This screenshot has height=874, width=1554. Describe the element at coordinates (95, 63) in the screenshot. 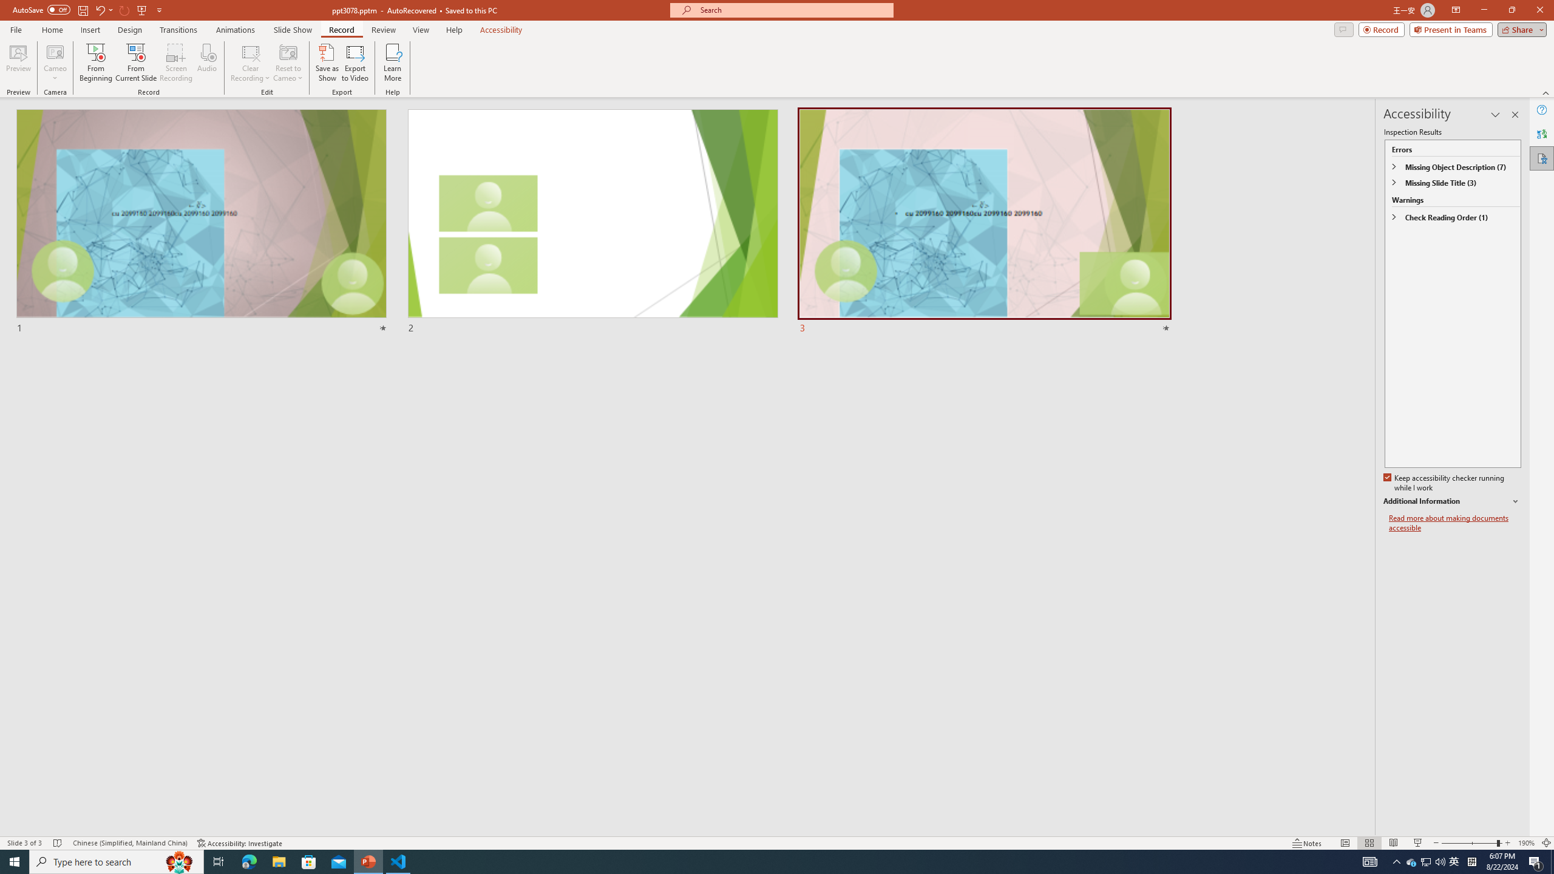

I see `'From Beginning...'` at that location.